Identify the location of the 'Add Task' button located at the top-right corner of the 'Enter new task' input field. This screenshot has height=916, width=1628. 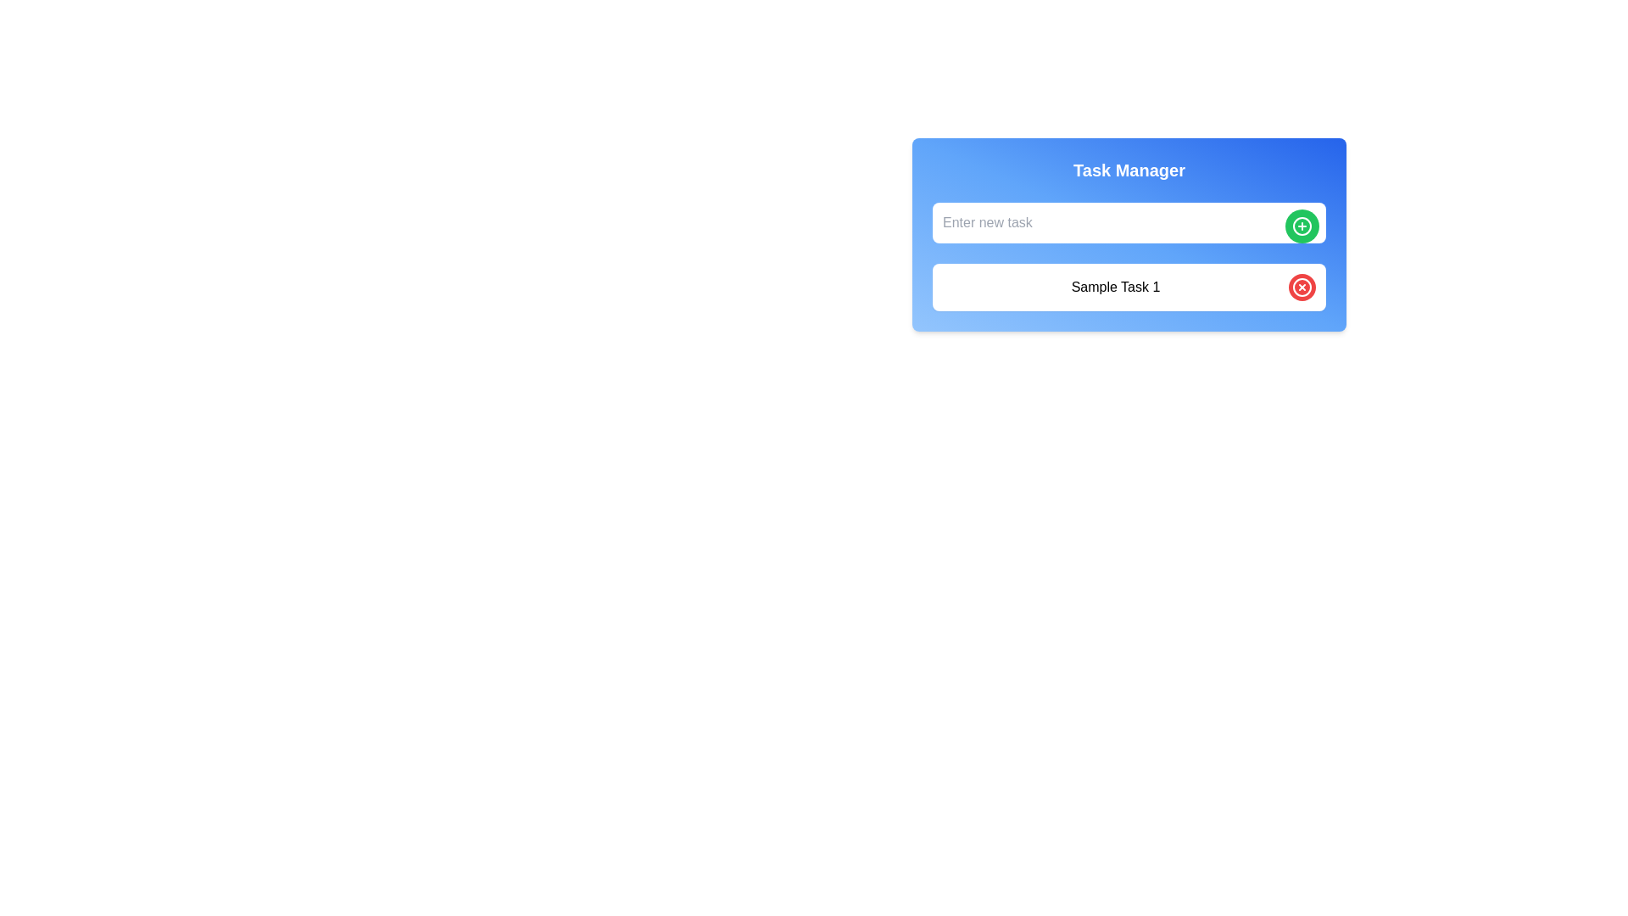
(1302, 225).